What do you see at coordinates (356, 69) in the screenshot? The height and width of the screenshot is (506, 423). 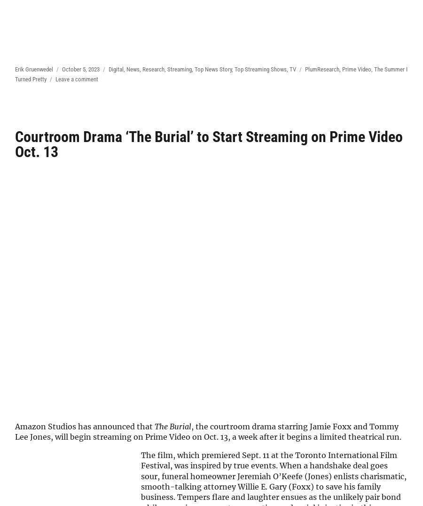 I see `'Prime Video'` at bounding box center [356, 69].